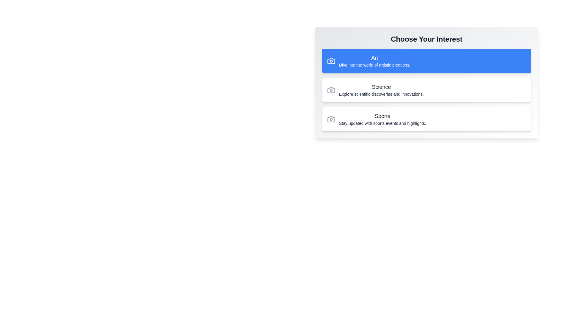 The width and height of the screenshot is (571, 321). What do you see at coordinates (381, 90) in the screenshot?
I see `the text display element labeled 'Science', which features a heading and a description, positioned centrally between 'Art' and 'Sports'` at bounding box center [381, 90].